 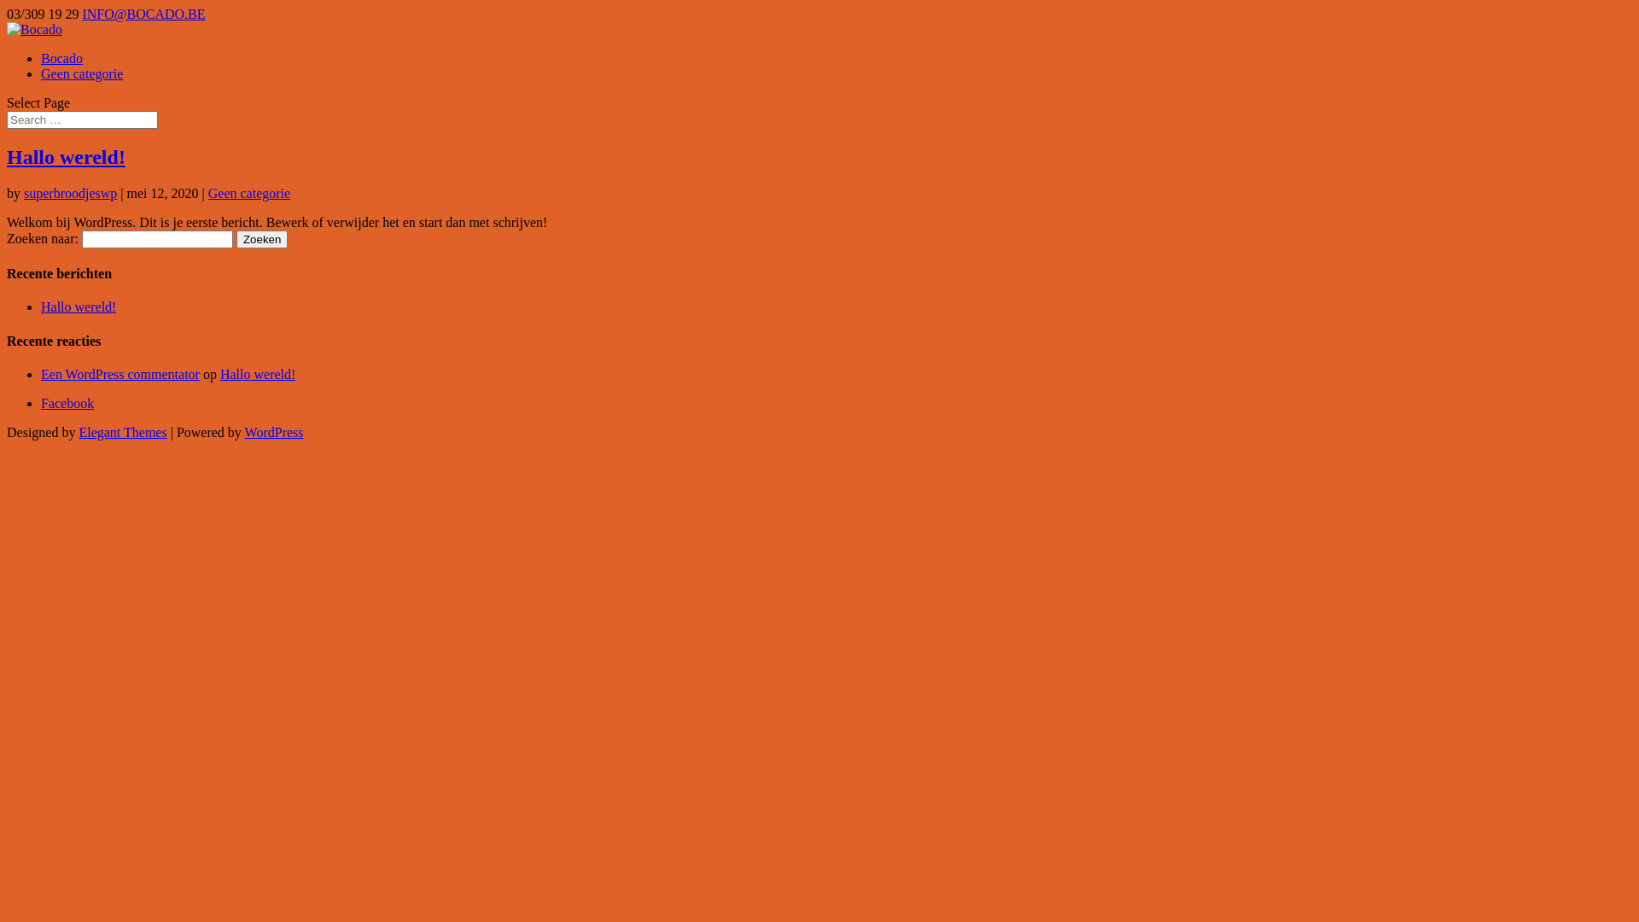 I want to click on 'Search for:', so click(x=81, y=119).